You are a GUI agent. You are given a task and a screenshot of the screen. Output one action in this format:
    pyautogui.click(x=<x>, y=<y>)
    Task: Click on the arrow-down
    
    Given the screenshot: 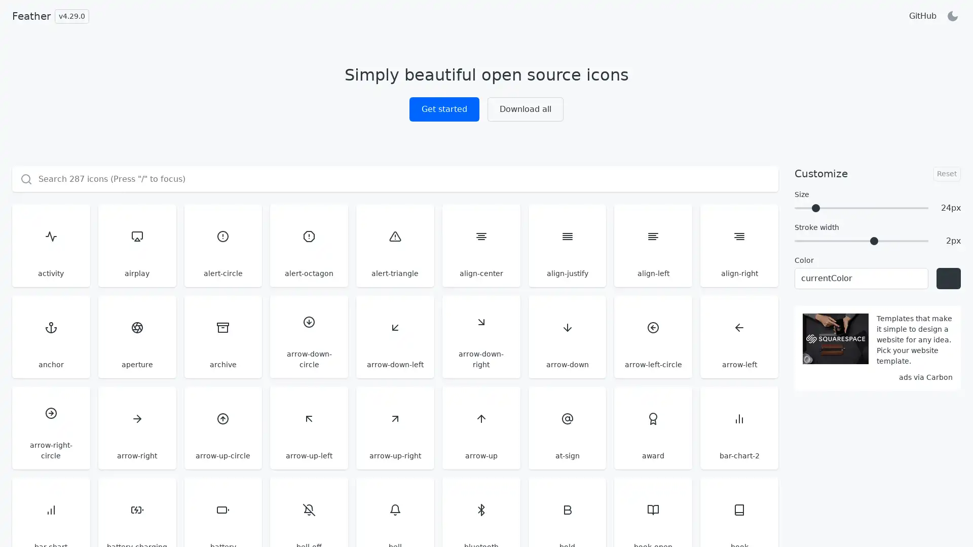 What is the action you would take?
    pyautogui.click(x=566, y=336)
    